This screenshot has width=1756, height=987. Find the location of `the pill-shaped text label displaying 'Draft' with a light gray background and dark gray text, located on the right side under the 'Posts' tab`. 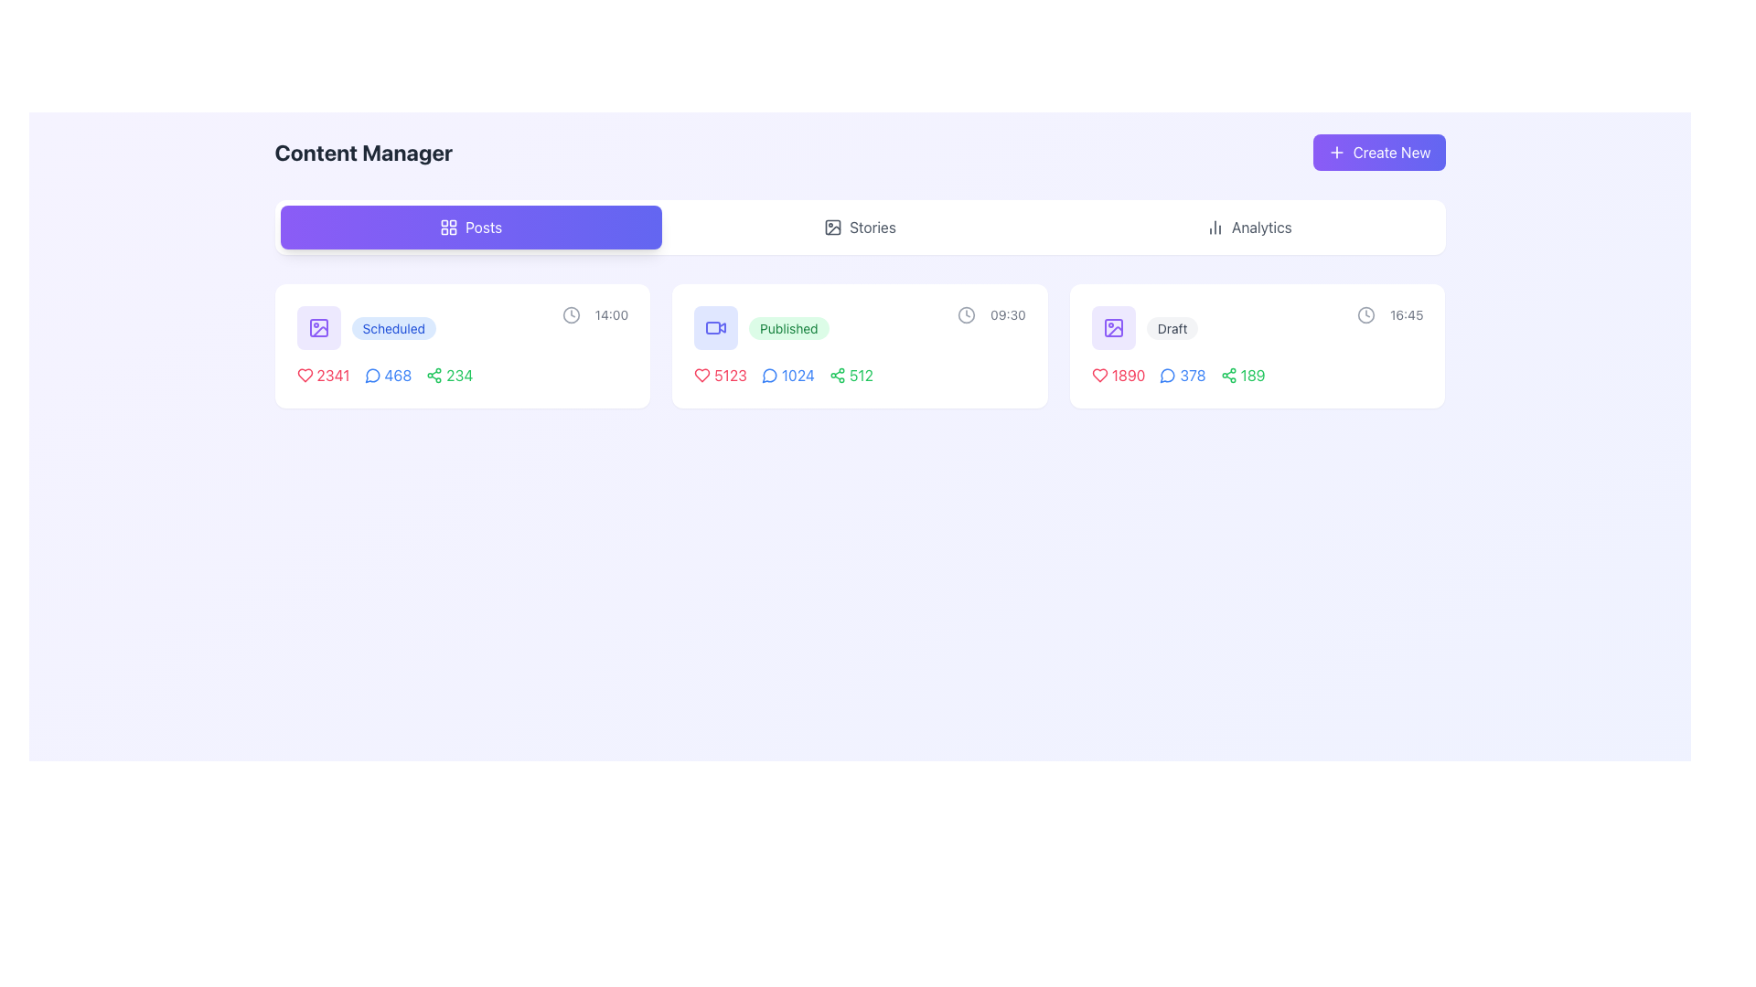

the pill-shaped text label displaying 'Draft' with a light gray background and dark gray text, located on the right side under the 'Posts' tab is located at coordinates (1172, 326).